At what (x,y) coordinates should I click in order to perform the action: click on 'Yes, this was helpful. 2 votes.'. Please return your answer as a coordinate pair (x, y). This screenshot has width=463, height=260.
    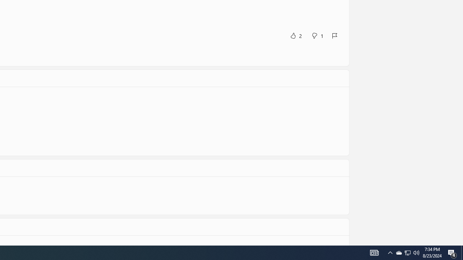
    Looking at the image, I should click on (296, 35).